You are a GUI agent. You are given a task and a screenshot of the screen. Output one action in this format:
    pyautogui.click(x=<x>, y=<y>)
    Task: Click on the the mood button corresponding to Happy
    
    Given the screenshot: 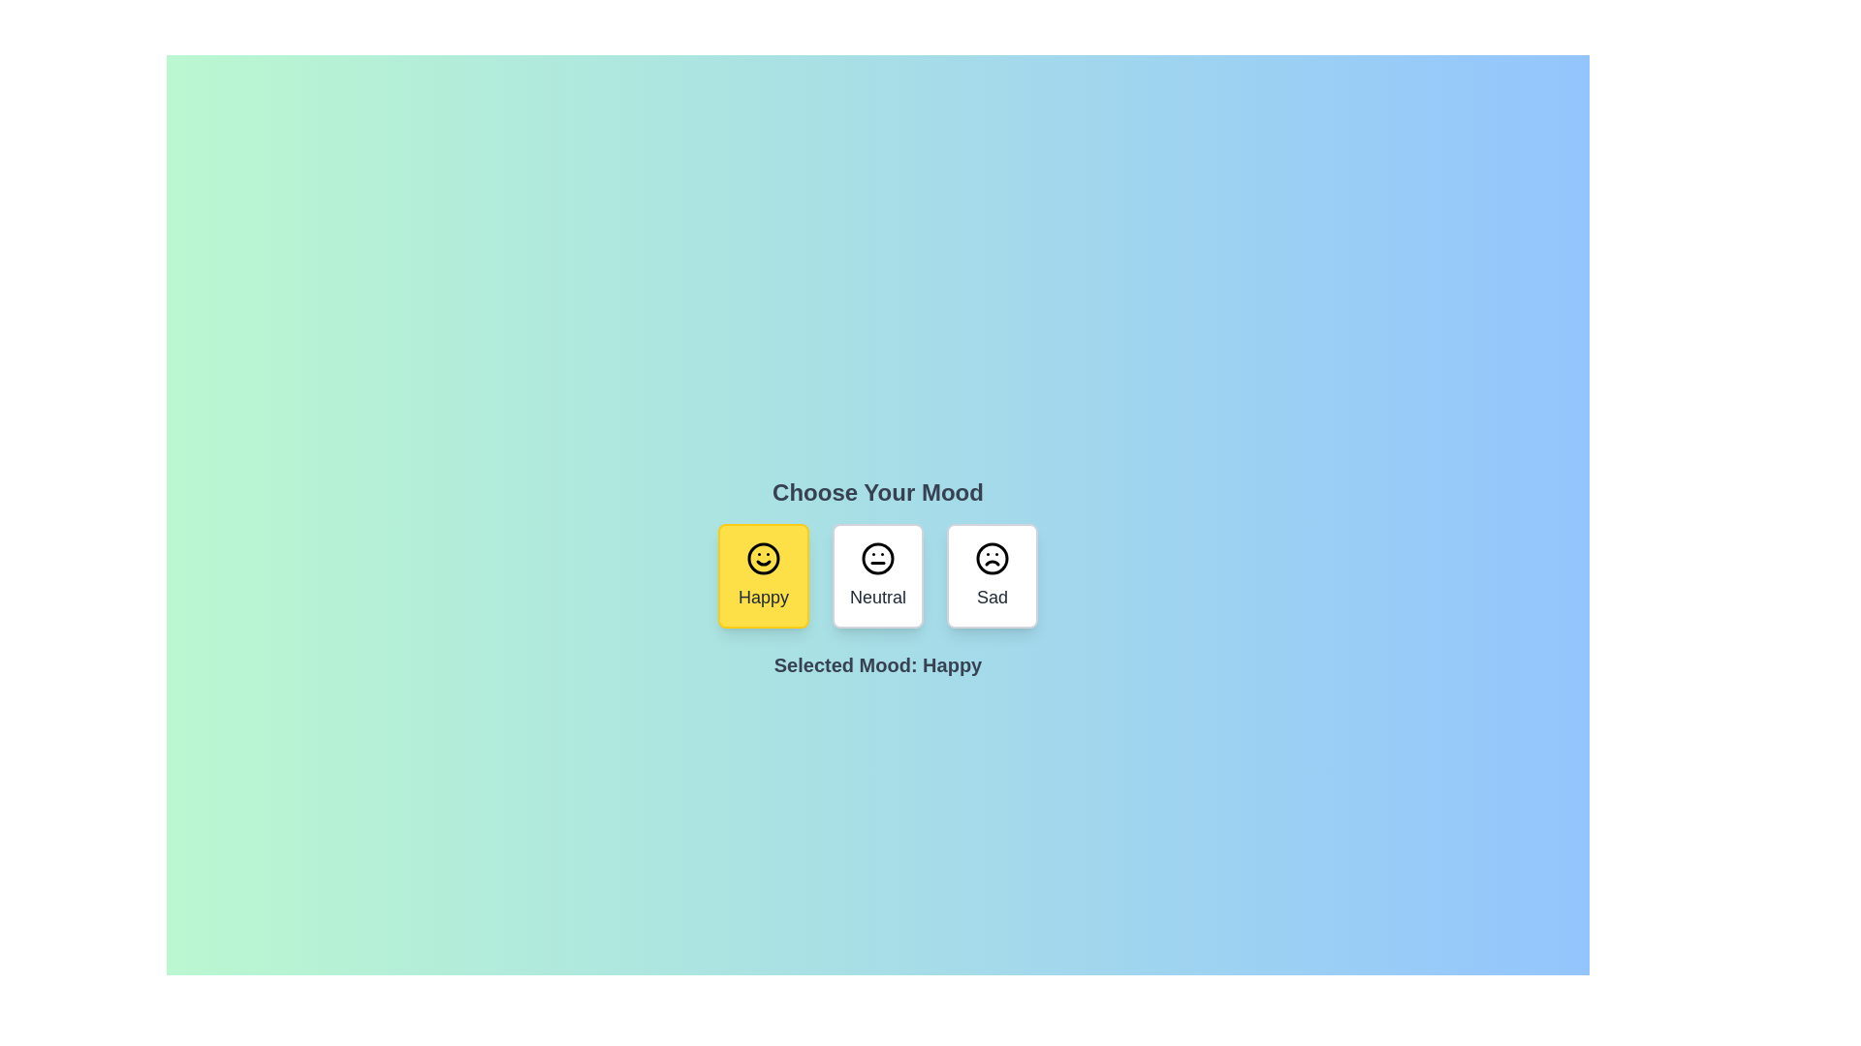 What is the action you would take?
    pyautogui.click(x=762, y=574)
    